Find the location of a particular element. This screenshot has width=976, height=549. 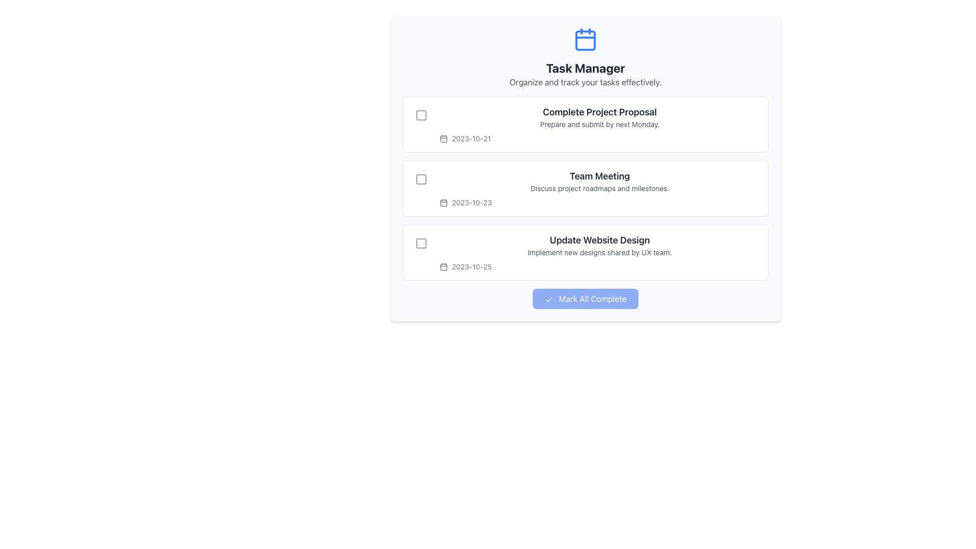

the Checkbox-like toggle icon adjacent to the date '2023-10-23' is located at coordinates (421, 179).